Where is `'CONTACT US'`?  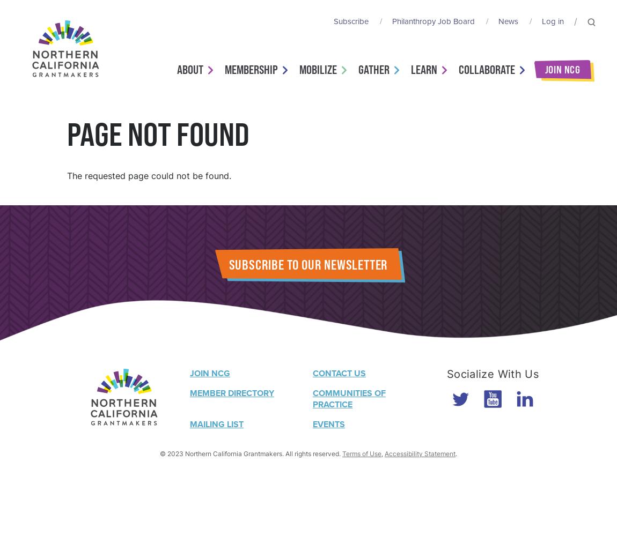 'CONTACT US' is located at coordinates (339, 373).